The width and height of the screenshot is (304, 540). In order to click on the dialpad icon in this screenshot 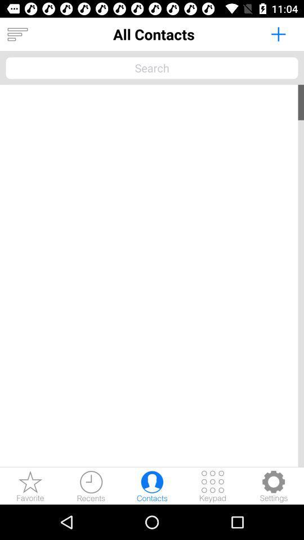, I will do `click(213, 485)`.